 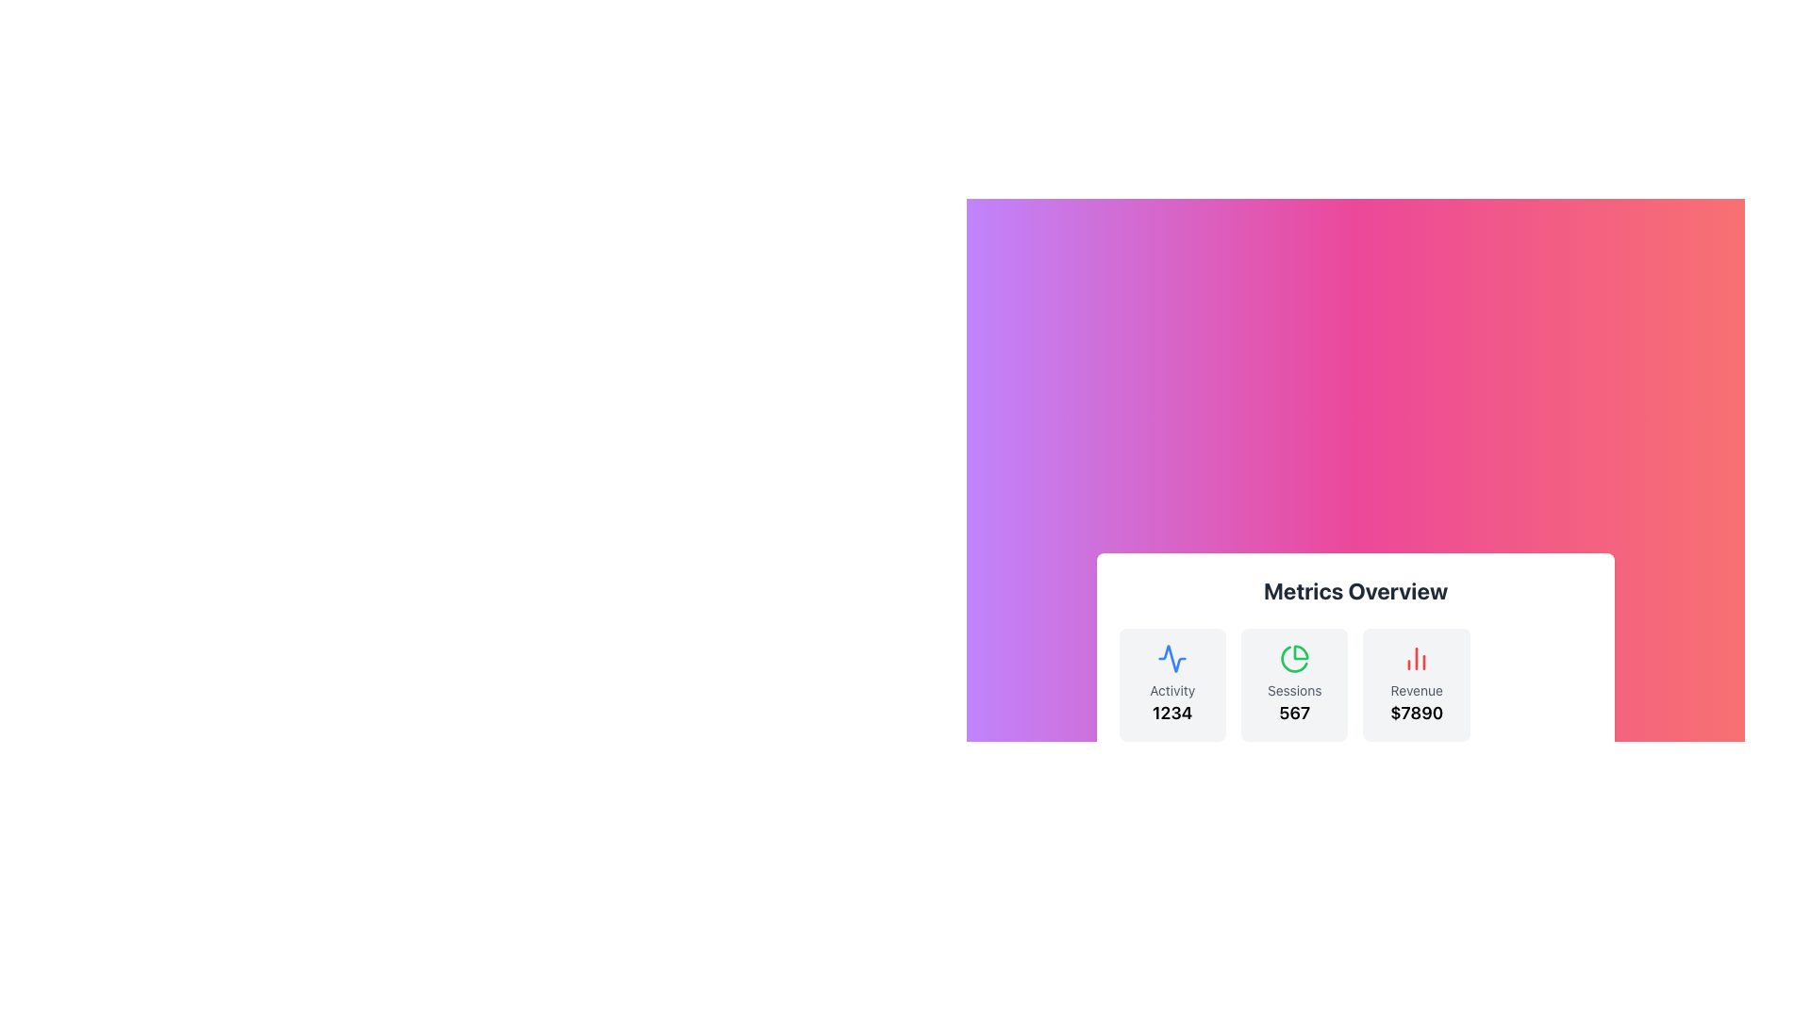 What do you see at coordinates (1354, 684) in the screenshot?
I see `information displayed in the 'Sessions' block of the Data Display Grid Section located in the 'Metrics Overview' panel` at bounding box center [1354, 684].